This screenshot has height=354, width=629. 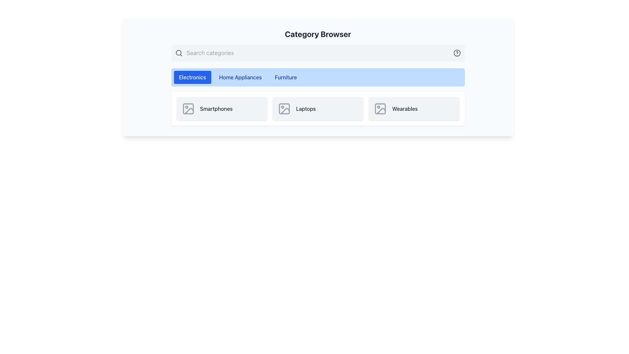 What do you see at coordinates (179, 53) in the screenshot?
I see `the search icon located at the leftmost side of the header section, adjacent to the 'Search categories' input field` at bounding box center [179, 53].